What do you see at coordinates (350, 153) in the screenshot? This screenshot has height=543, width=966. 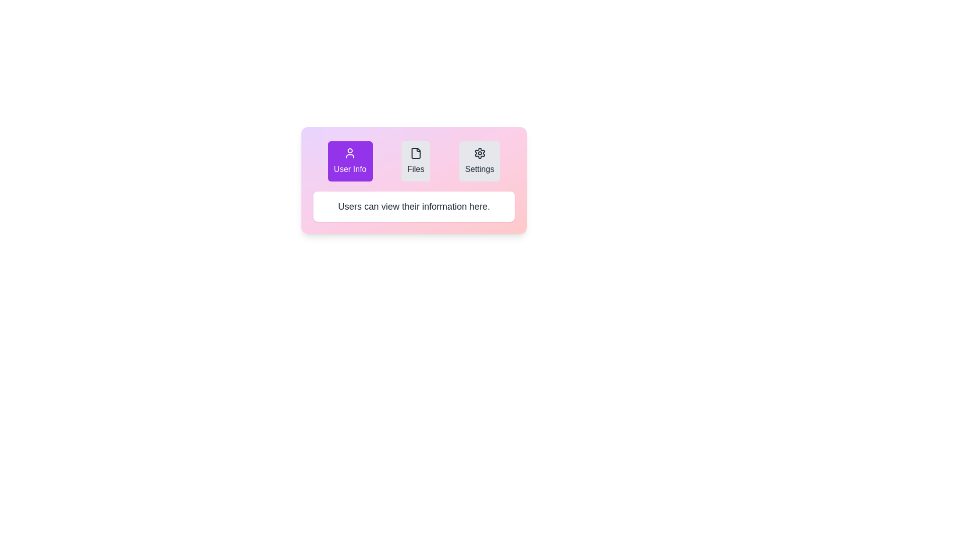 I see `the 'User Info' button, which is the purple button on the far left among three horizontally aligned buttons` at bounding box center [350, 153].